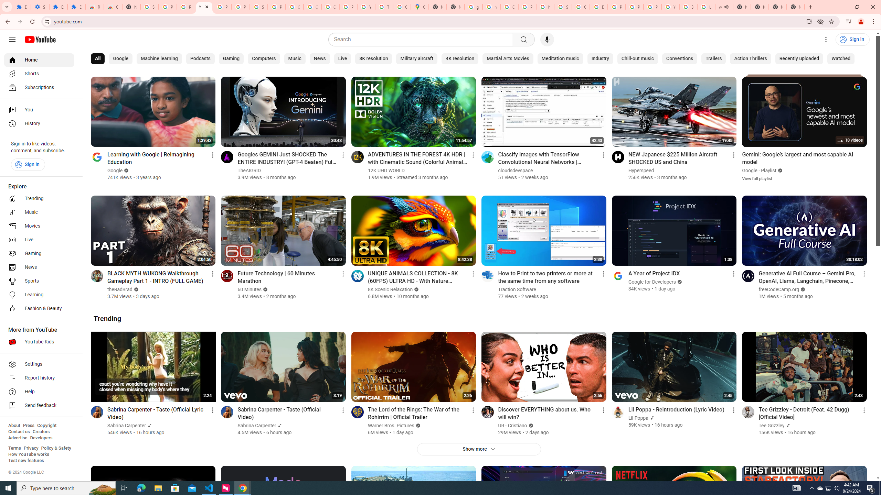 The height and width of the screenshot is (495, 881). I want to click on 'Music', so click(295, 59).